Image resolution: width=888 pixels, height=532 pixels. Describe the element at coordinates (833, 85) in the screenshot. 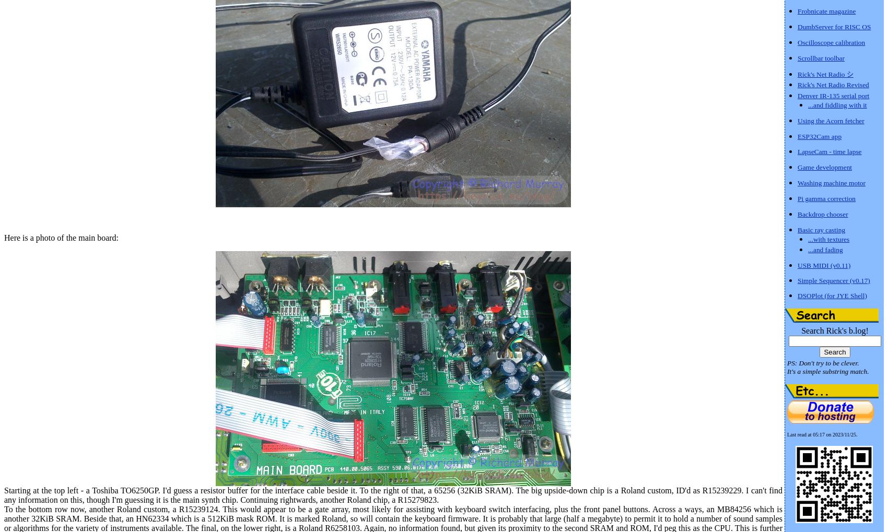

I see `'Rick's Net Radio Revised'` at that location.